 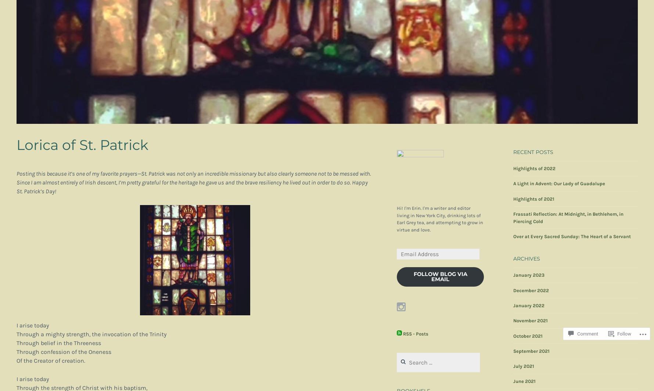 I want to click on 'November 2021', so click(x=530, y=320).